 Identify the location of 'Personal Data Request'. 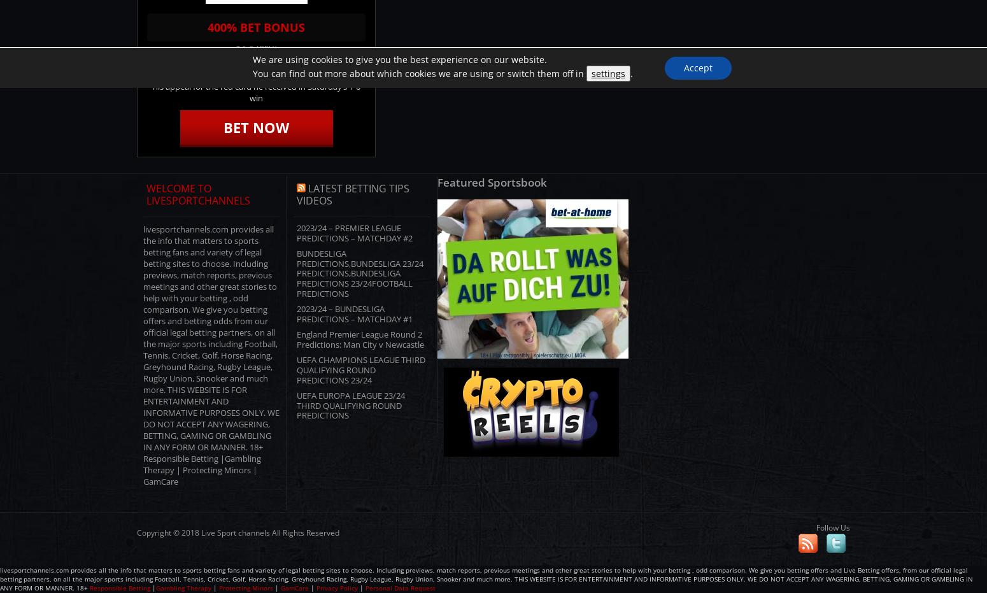
(399, 587).